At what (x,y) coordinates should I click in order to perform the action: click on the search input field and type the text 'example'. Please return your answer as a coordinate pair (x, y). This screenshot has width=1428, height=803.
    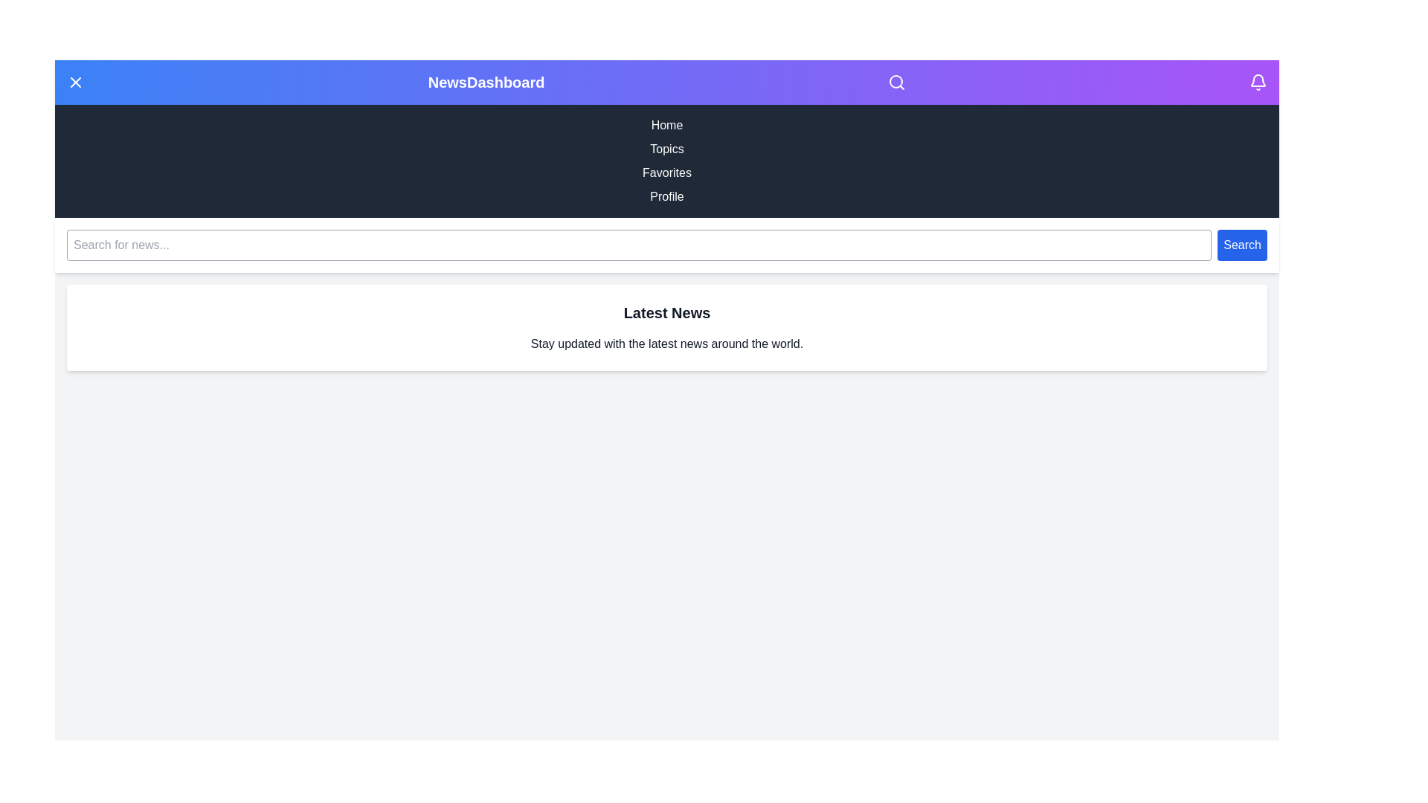
    Looking at the image, I should click on (639, 245).